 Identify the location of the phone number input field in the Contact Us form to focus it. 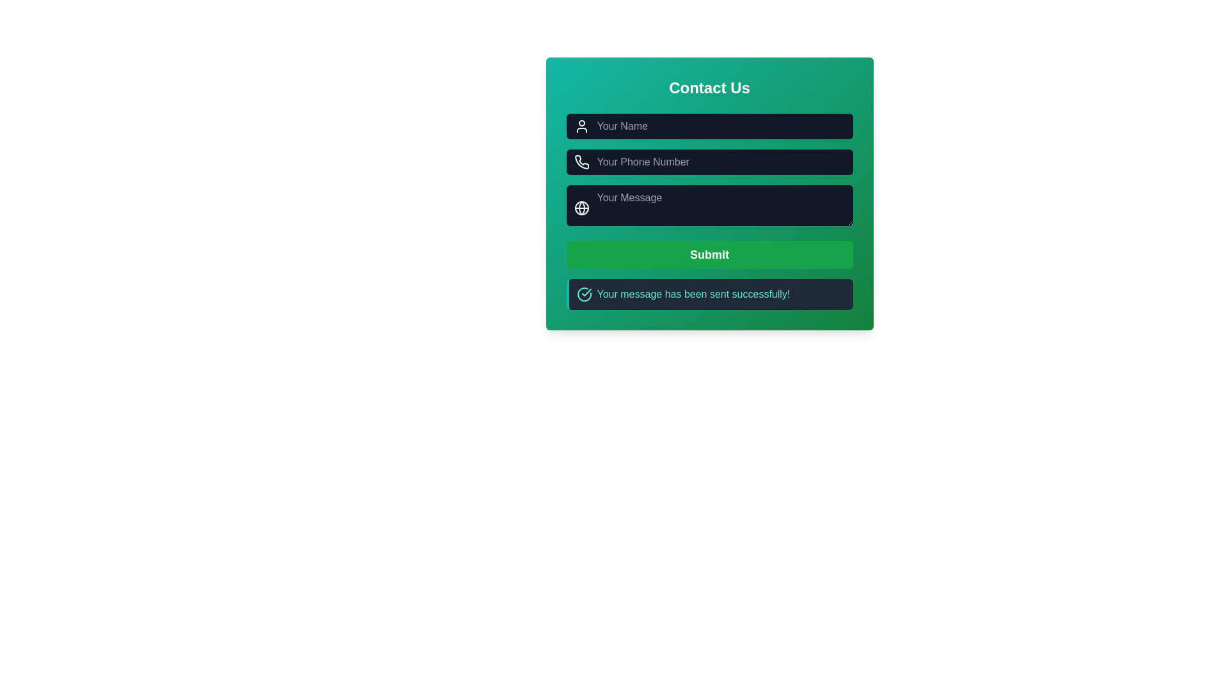
(709, 162).